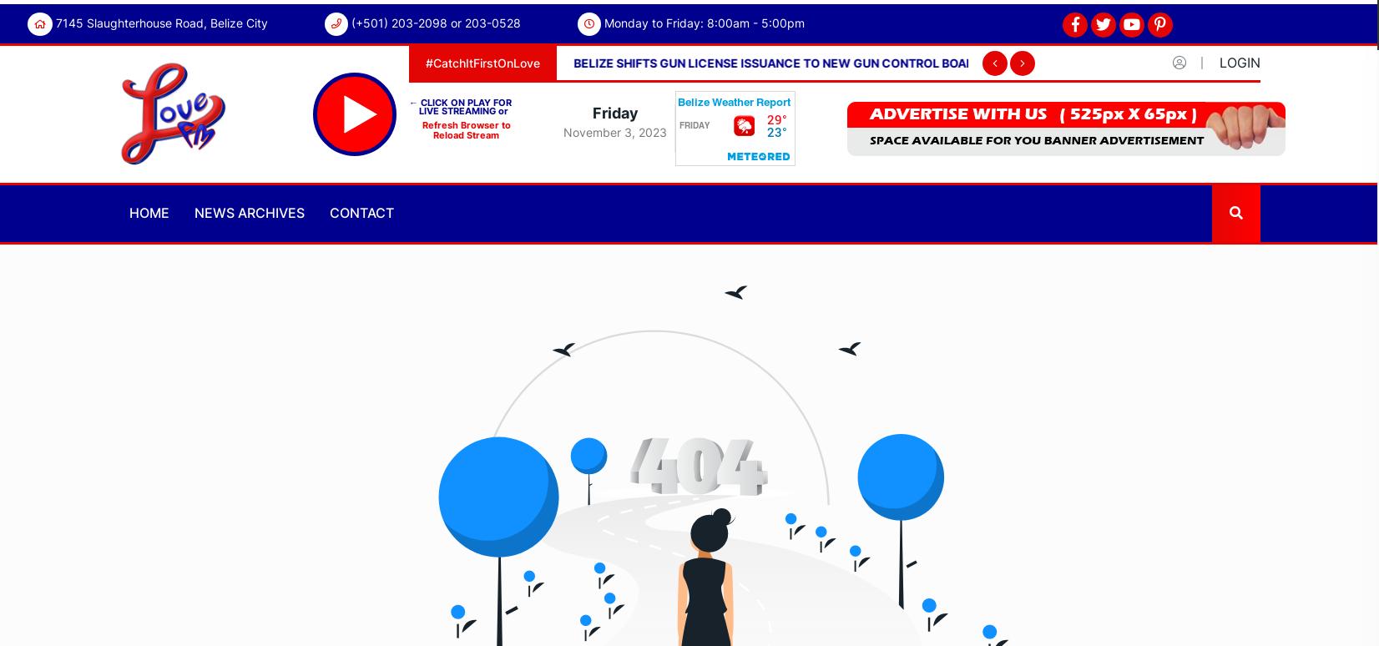 Image resolution: width=1379 pixels, height=646 pixels. What do you see at coordinates (161, 23) in the screenshot?
I see `'7145 Slaughterhouse Road, Belize City'` at bounding box center [161, 23].